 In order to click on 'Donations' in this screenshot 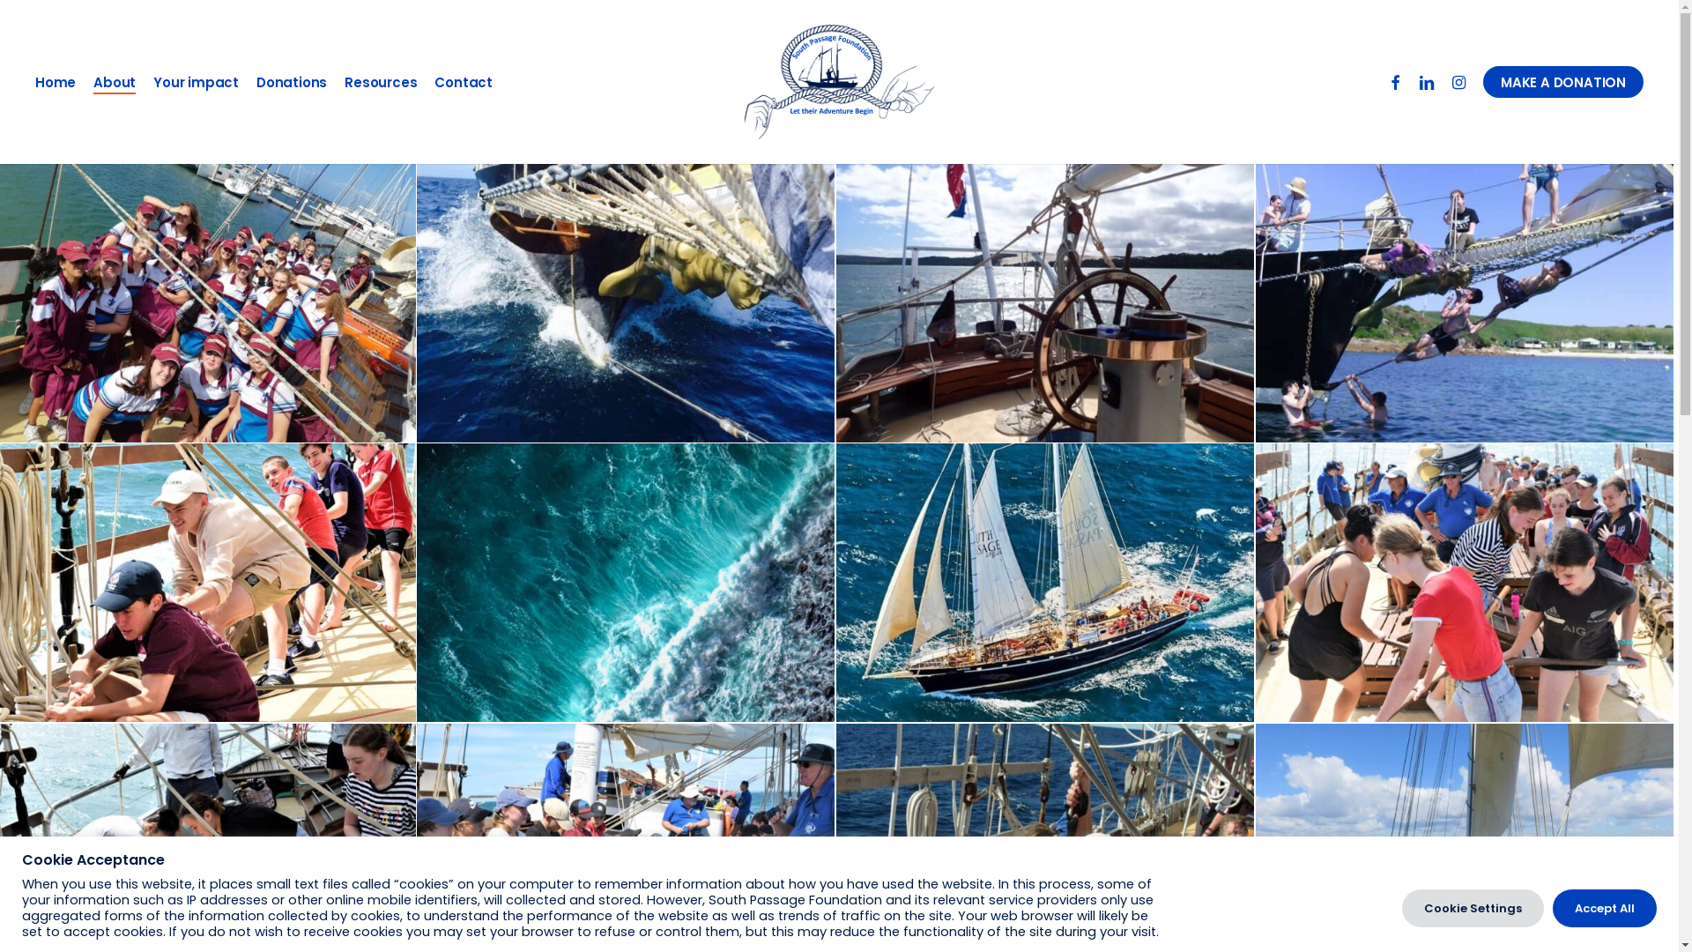, I will do `click(292, 82)`.